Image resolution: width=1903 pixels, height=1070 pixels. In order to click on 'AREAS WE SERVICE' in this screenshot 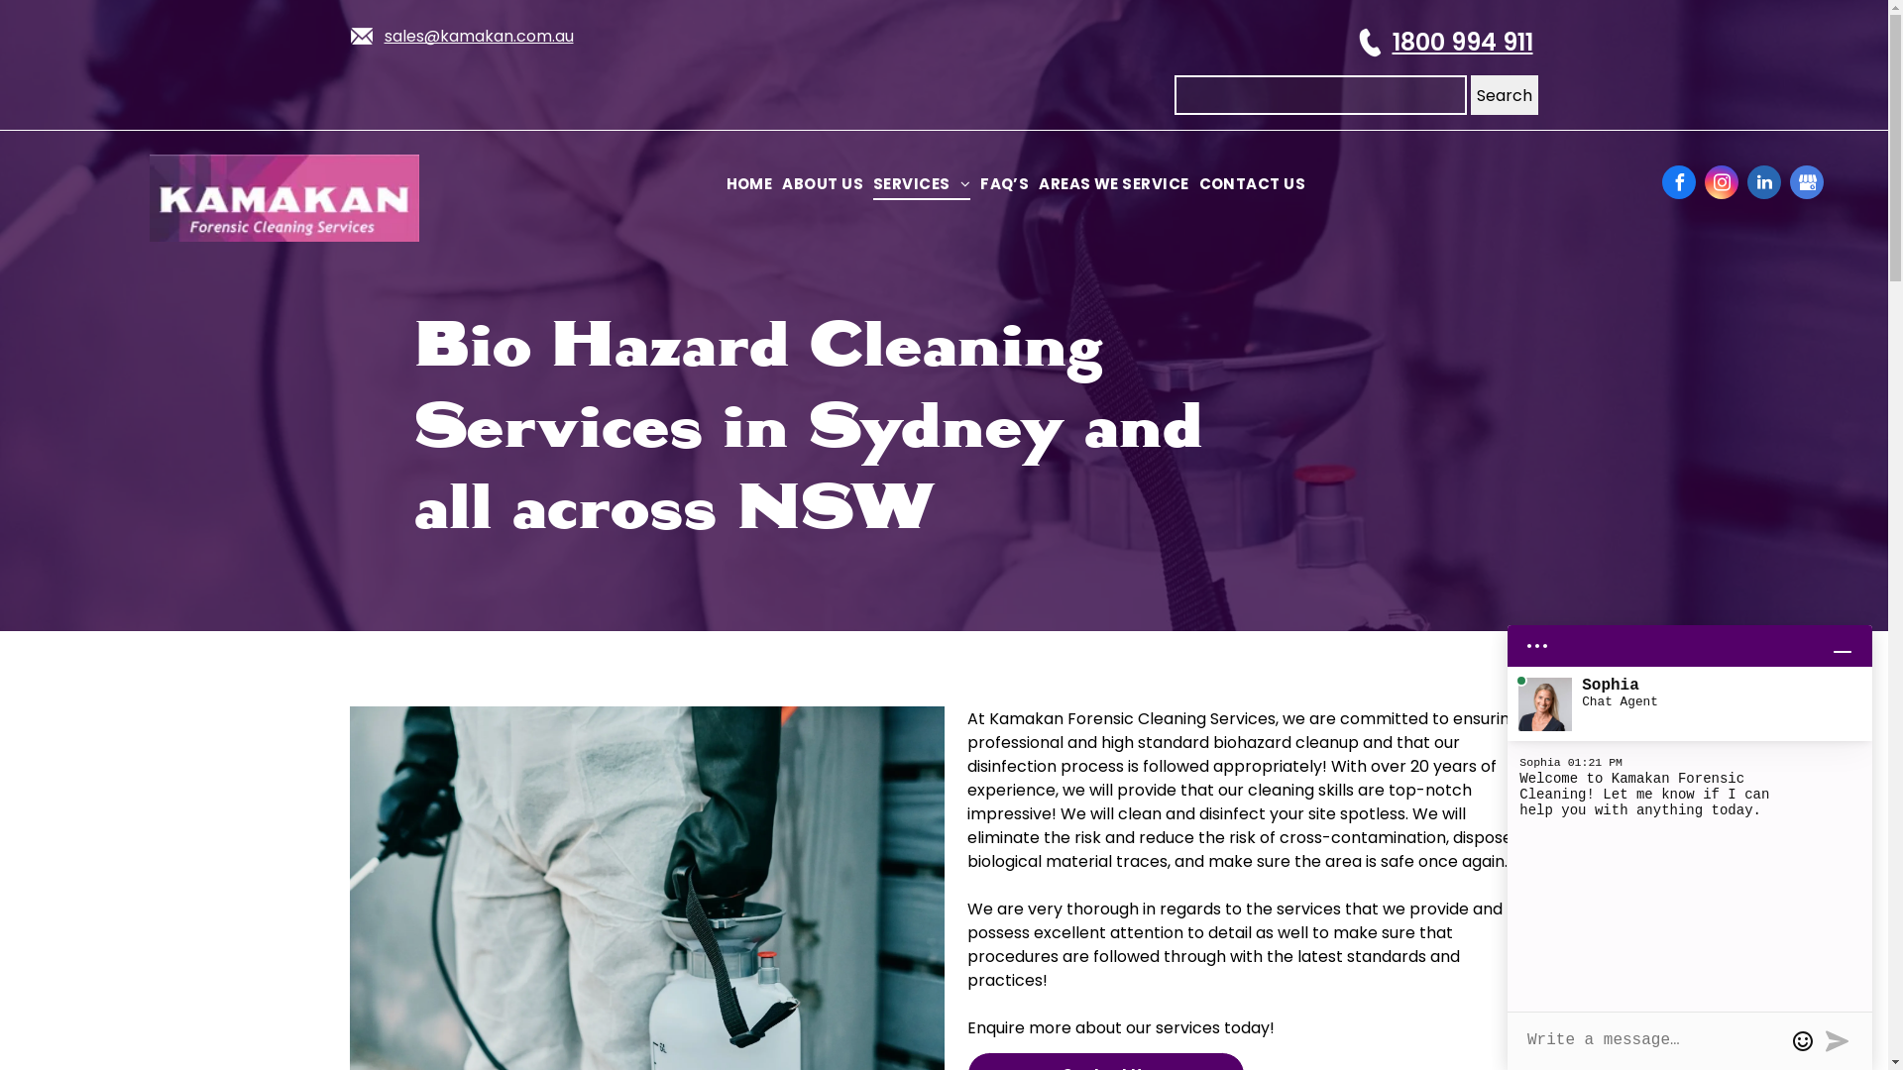, I will do `click(1032, 184)`.